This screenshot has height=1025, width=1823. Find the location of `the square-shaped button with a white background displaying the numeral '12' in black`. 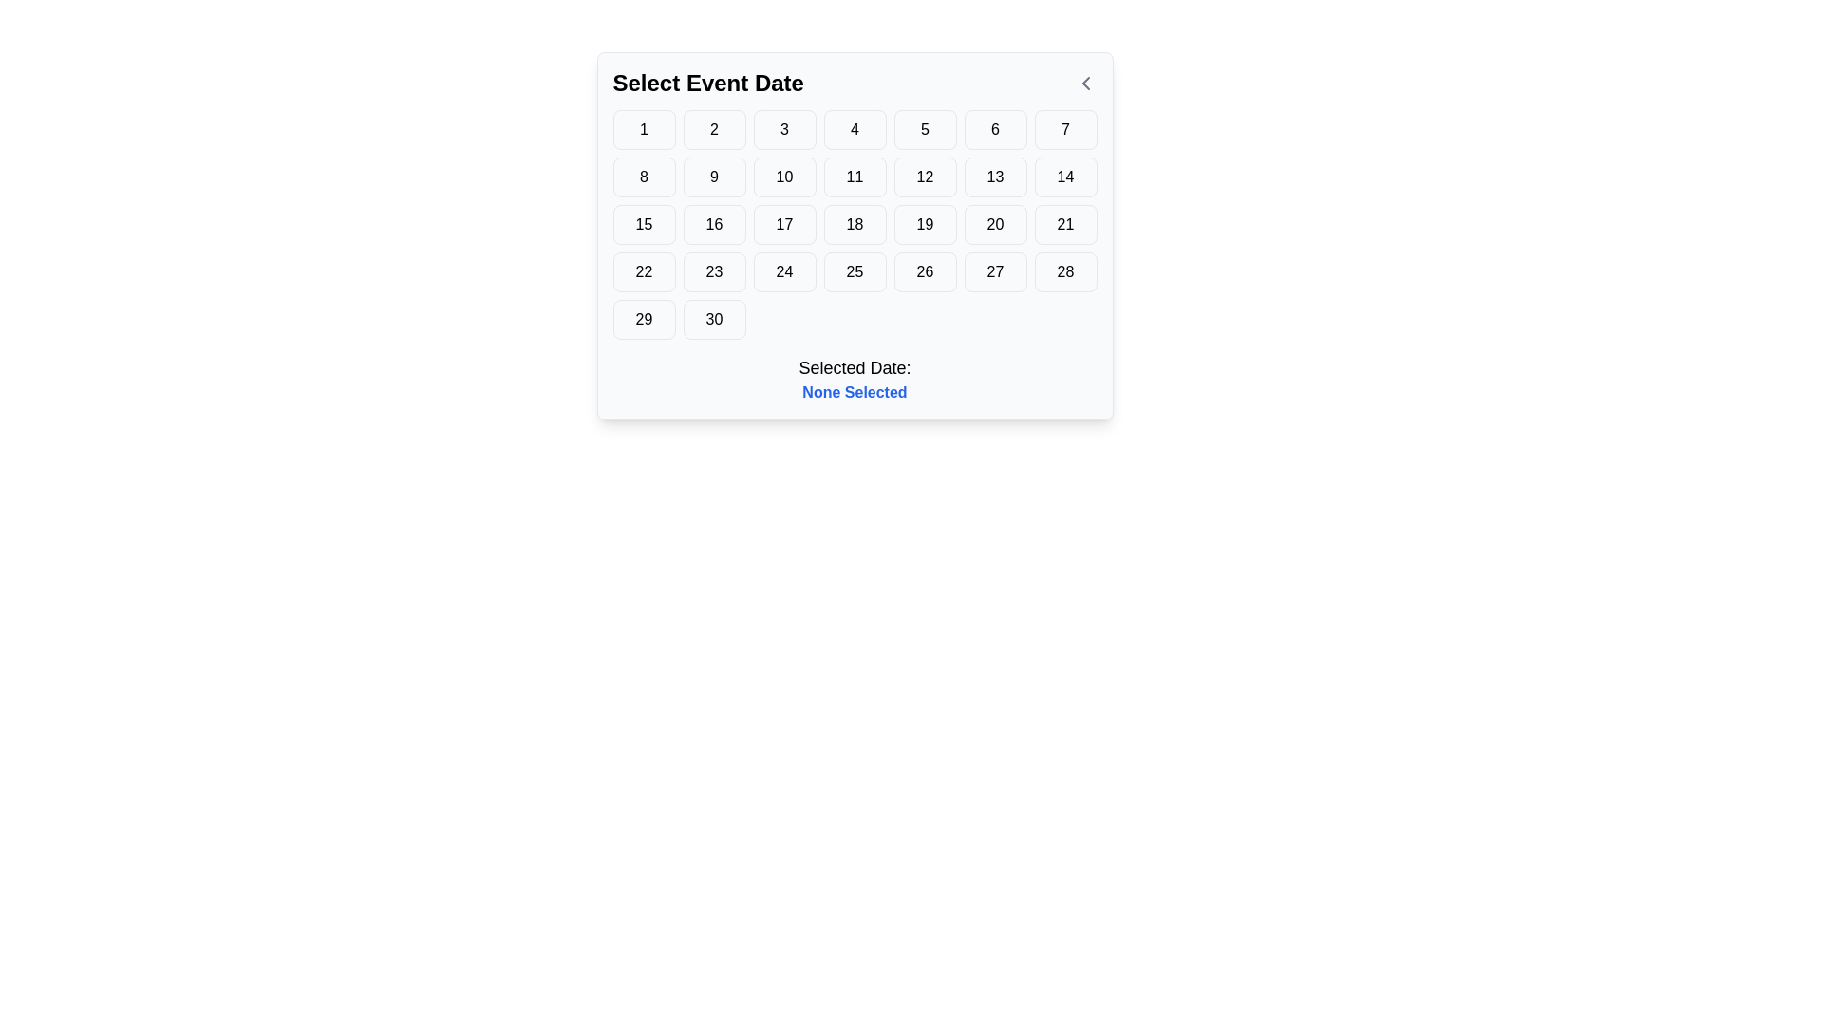

the square-shaped button with a white background displaying the numeral '12' in black is located at coordinates (925, 177).